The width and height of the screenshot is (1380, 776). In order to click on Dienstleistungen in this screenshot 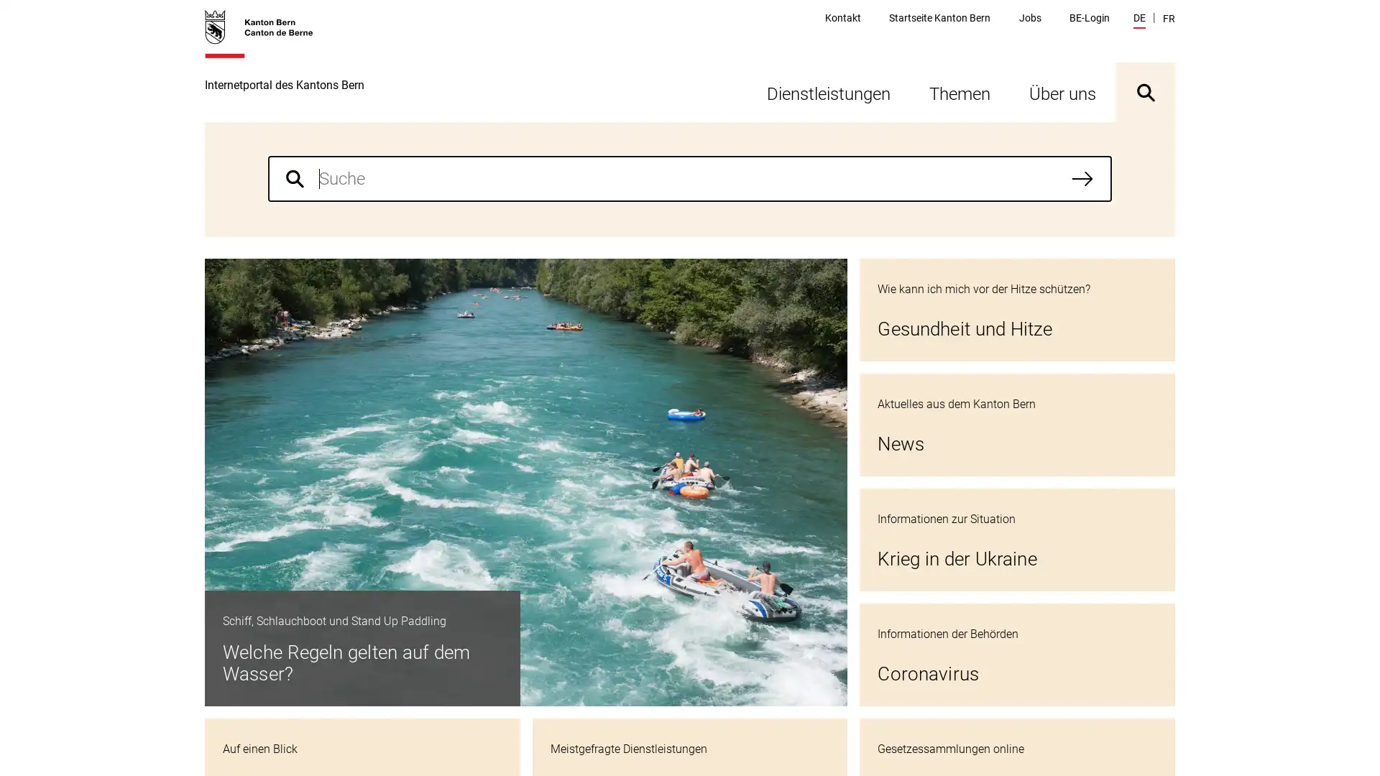, I will do `click(828, 92)`.